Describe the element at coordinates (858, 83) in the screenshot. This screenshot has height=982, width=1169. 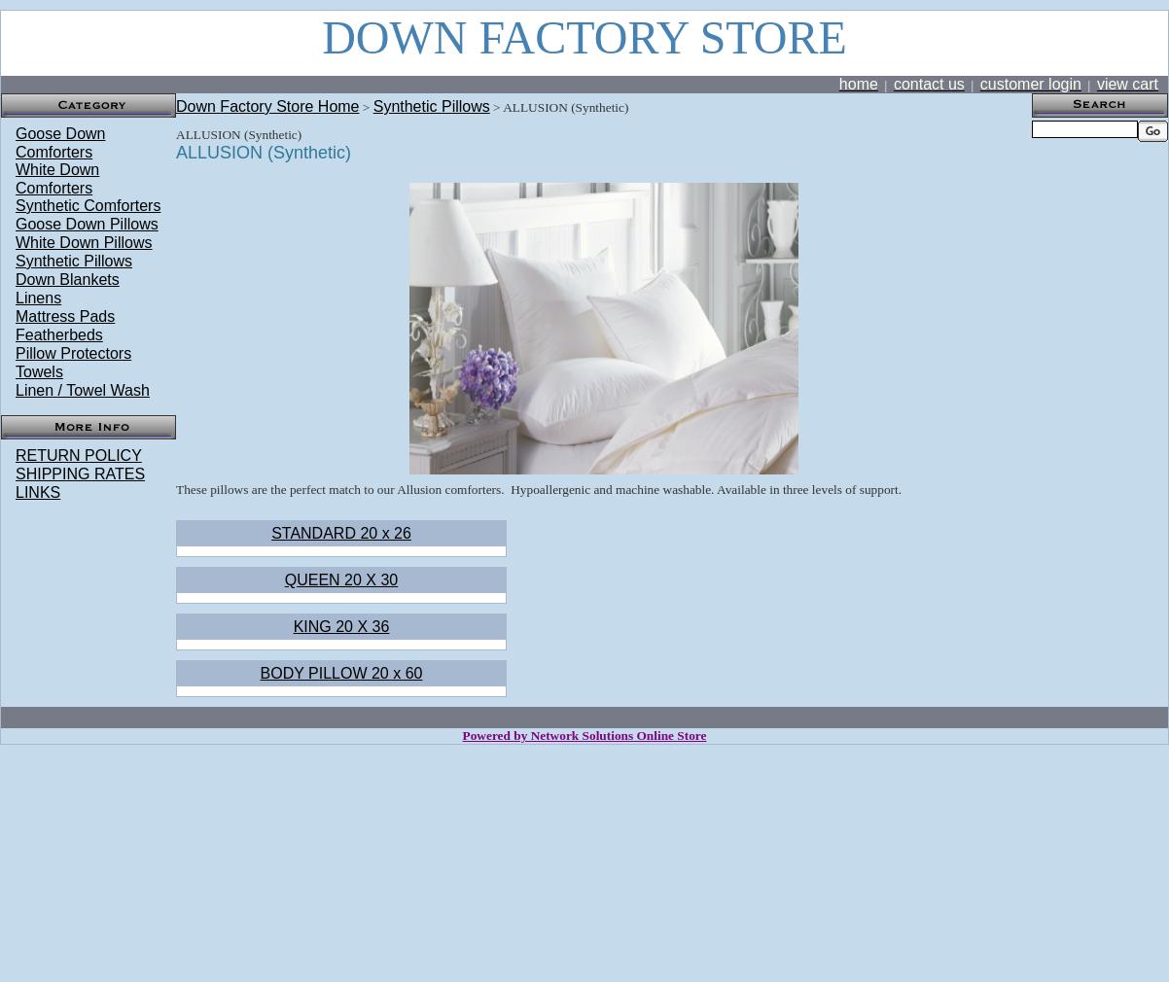
I see `'home'` at that location.